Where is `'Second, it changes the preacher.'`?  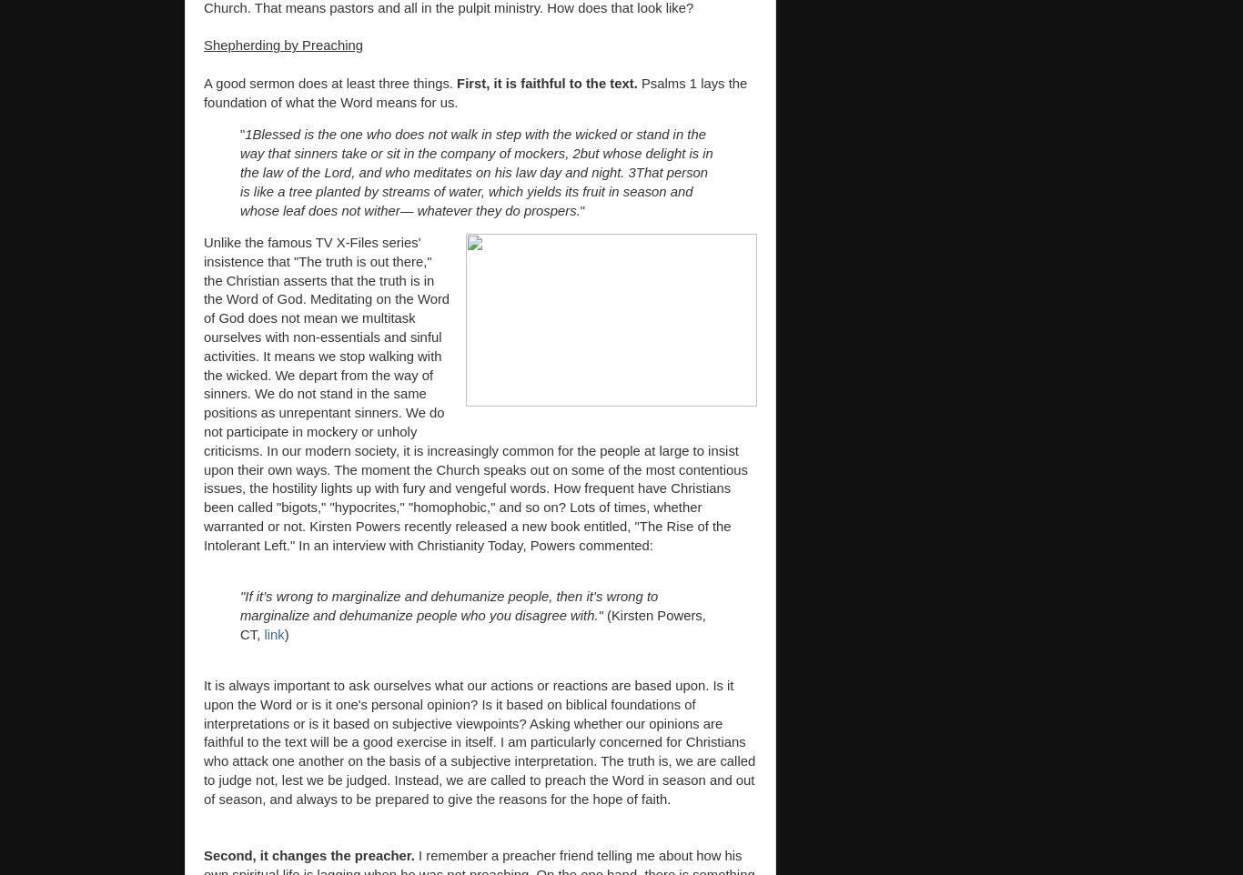 'Second, it changes the preacher.' is located at coordinates (310, 856).